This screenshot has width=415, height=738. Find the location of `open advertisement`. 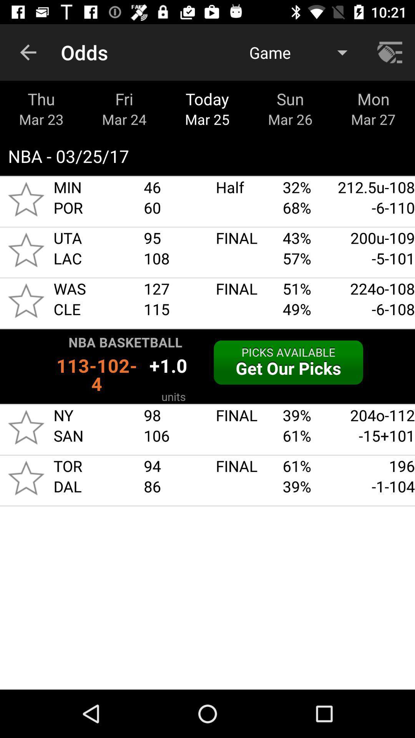

open advertisement is located at coordinates (207, 366).